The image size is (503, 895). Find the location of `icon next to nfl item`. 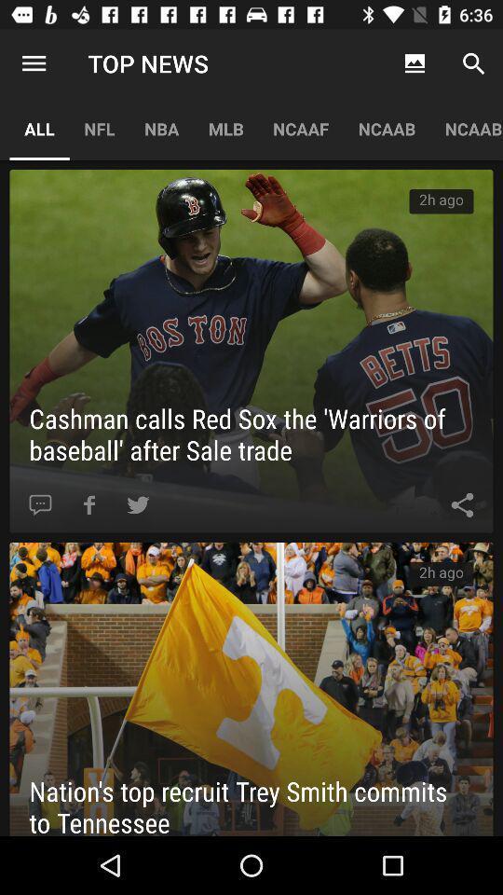

icon next to nfl item is located at coordinates (34, 63).